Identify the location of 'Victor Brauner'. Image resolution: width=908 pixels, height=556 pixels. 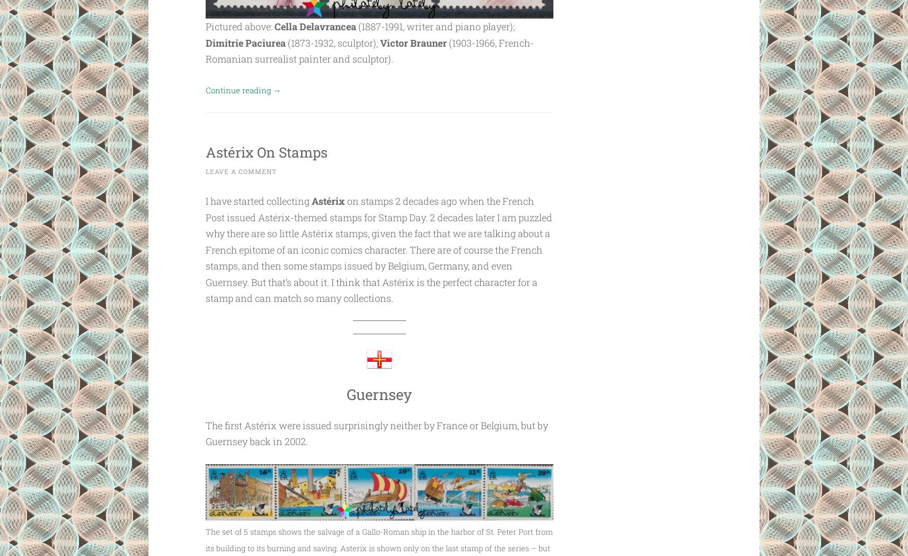
(412, 42).